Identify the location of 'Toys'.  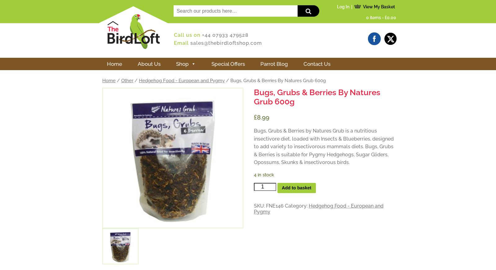
(163, 224).